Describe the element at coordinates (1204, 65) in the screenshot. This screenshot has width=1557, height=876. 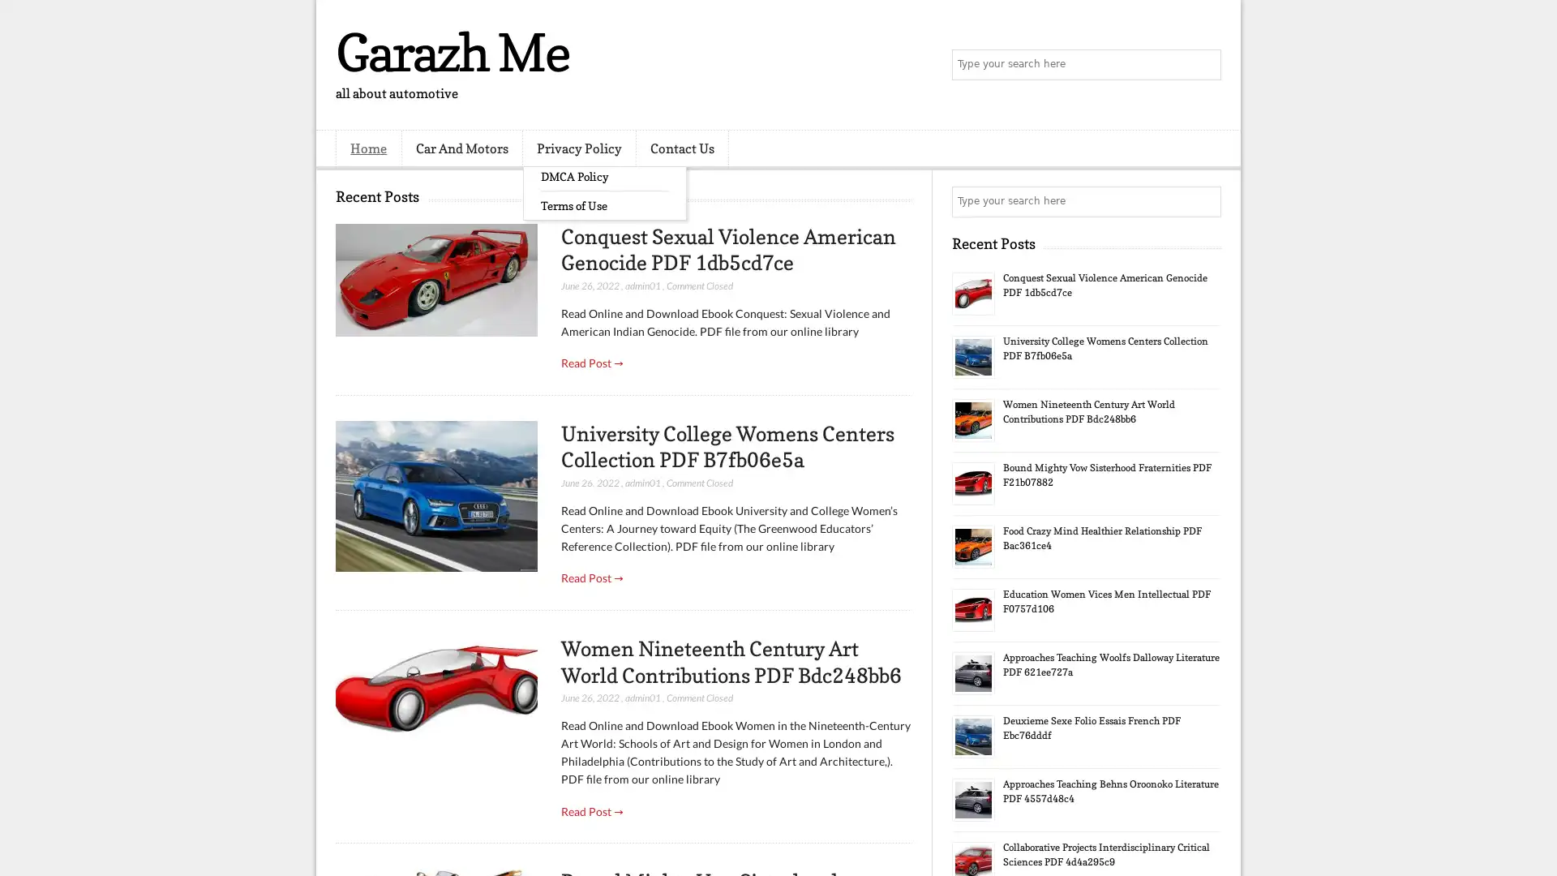
I see `Search` at that location.